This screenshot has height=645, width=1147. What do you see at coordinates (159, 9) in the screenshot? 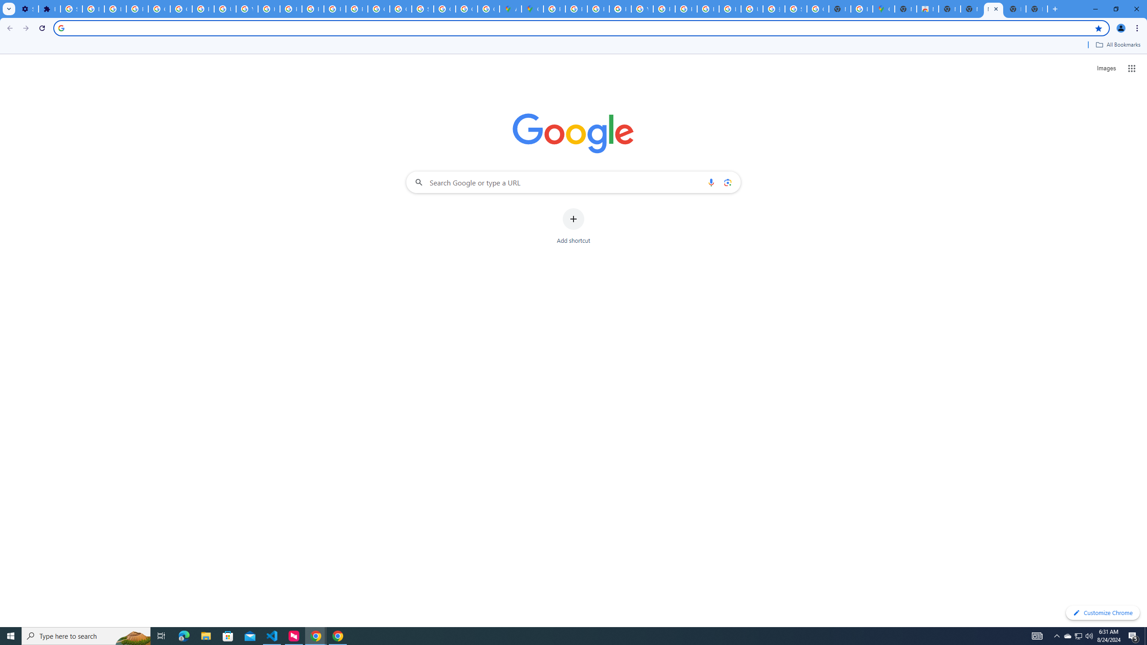
I see `'Google Account Help'` at bounding box center [159, 9].